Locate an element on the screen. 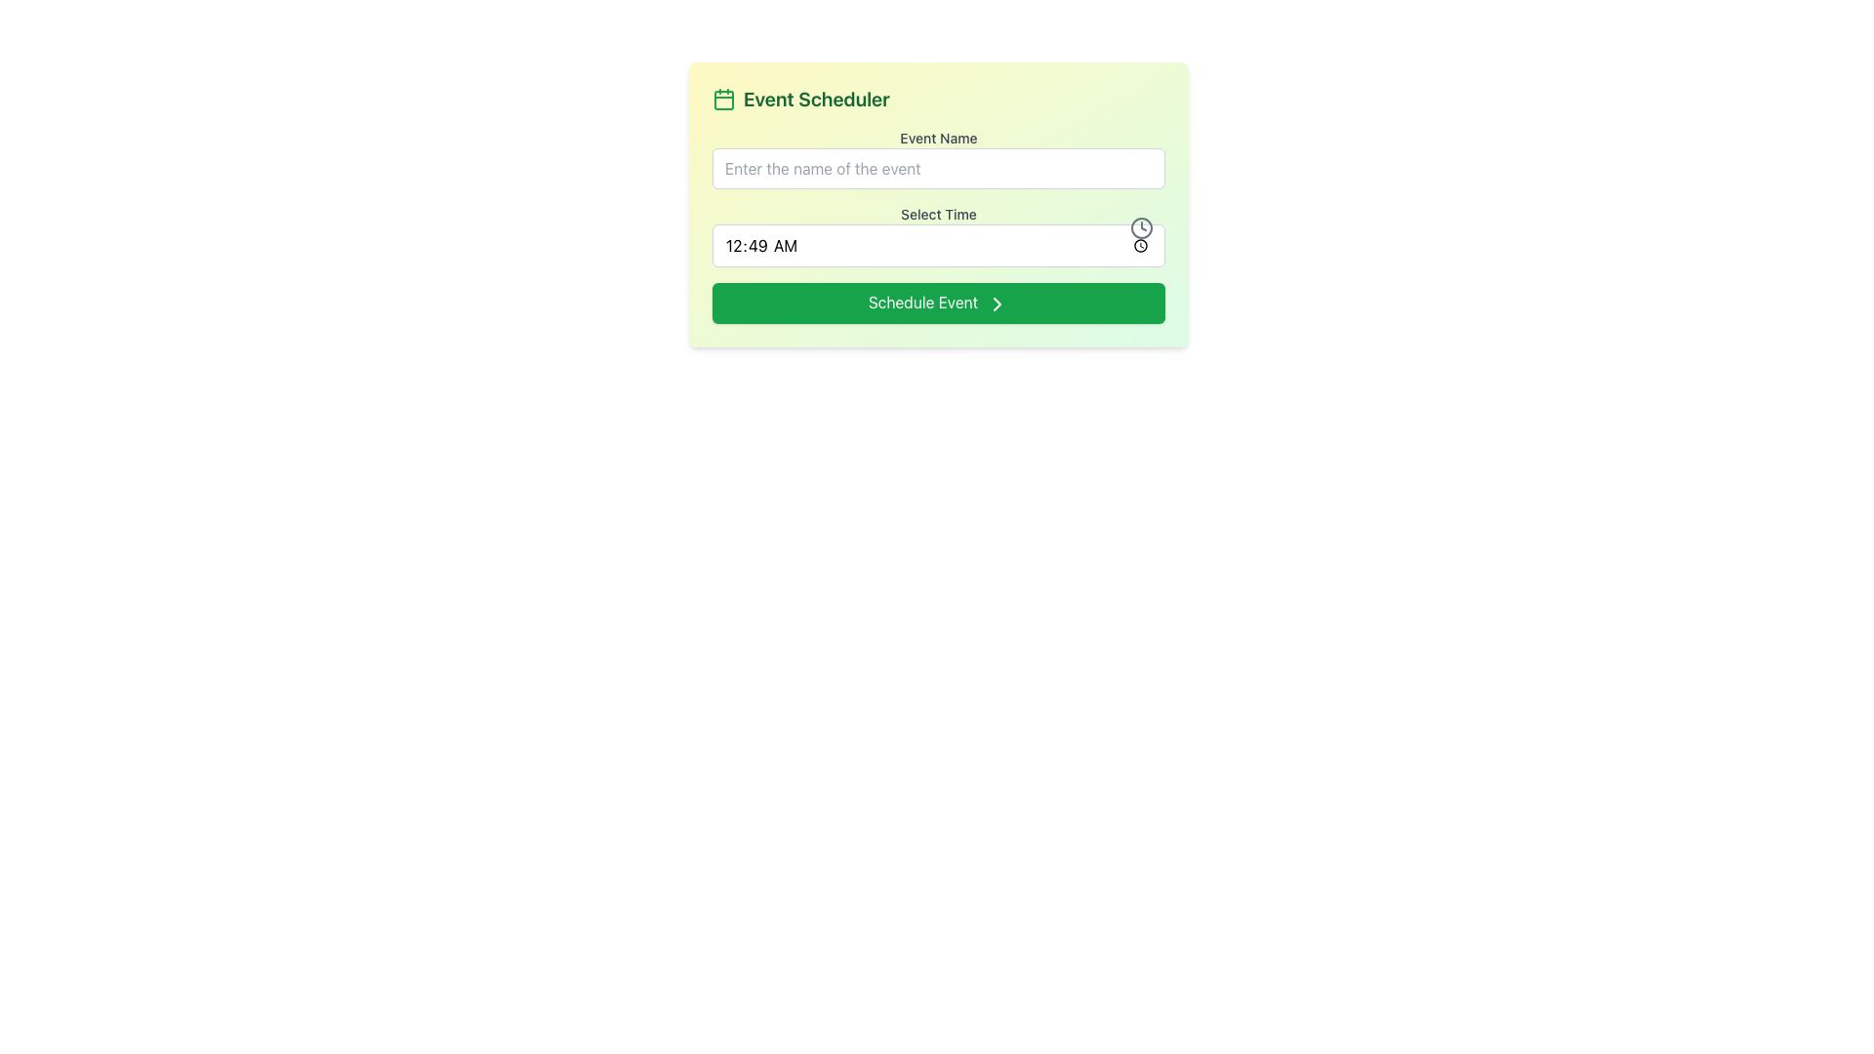 The height and width of the screenshot is (1054, 1874). the inner rectangle of the decorative calendar icon located to the left of the 'Event Scheduler' text at the top of the interface is located at coordinates (723, 101).